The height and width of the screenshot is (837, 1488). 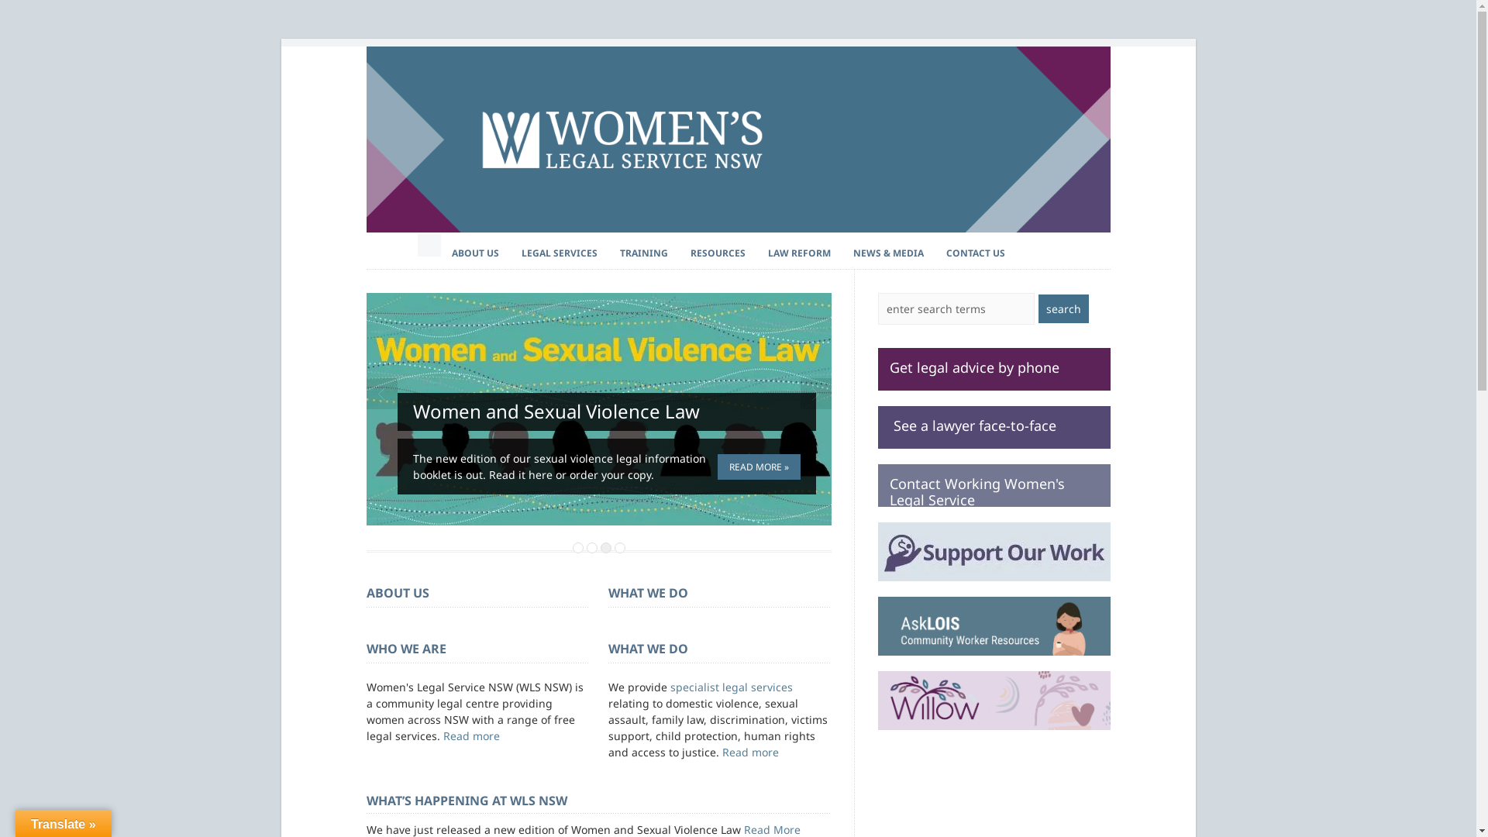 I want to click on 'Read more', so click(x=470, y=735).